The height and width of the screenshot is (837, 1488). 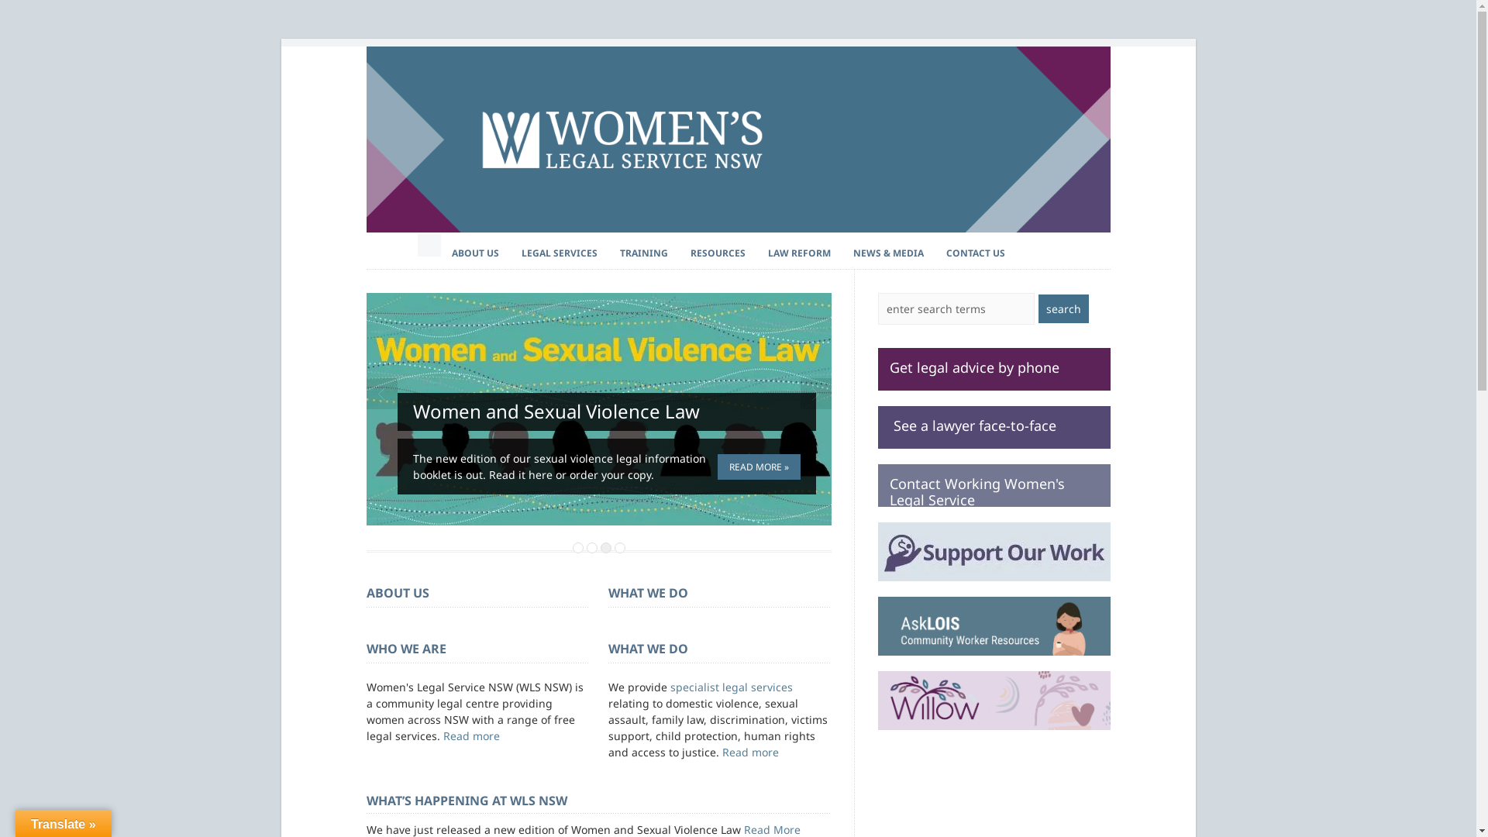 I want to click on 'Read more', so click(x=470, y=735).